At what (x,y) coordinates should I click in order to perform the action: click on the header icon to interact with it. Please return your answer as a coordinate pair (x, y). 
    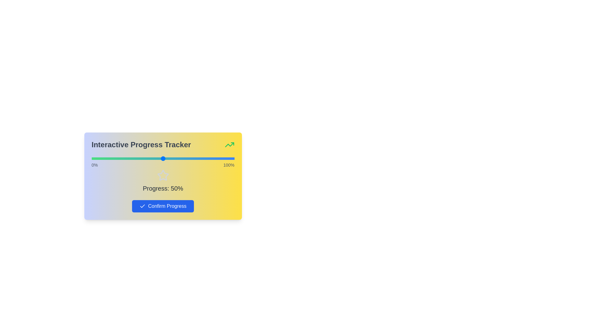
    Looking at the image, I should click on (229, 144).